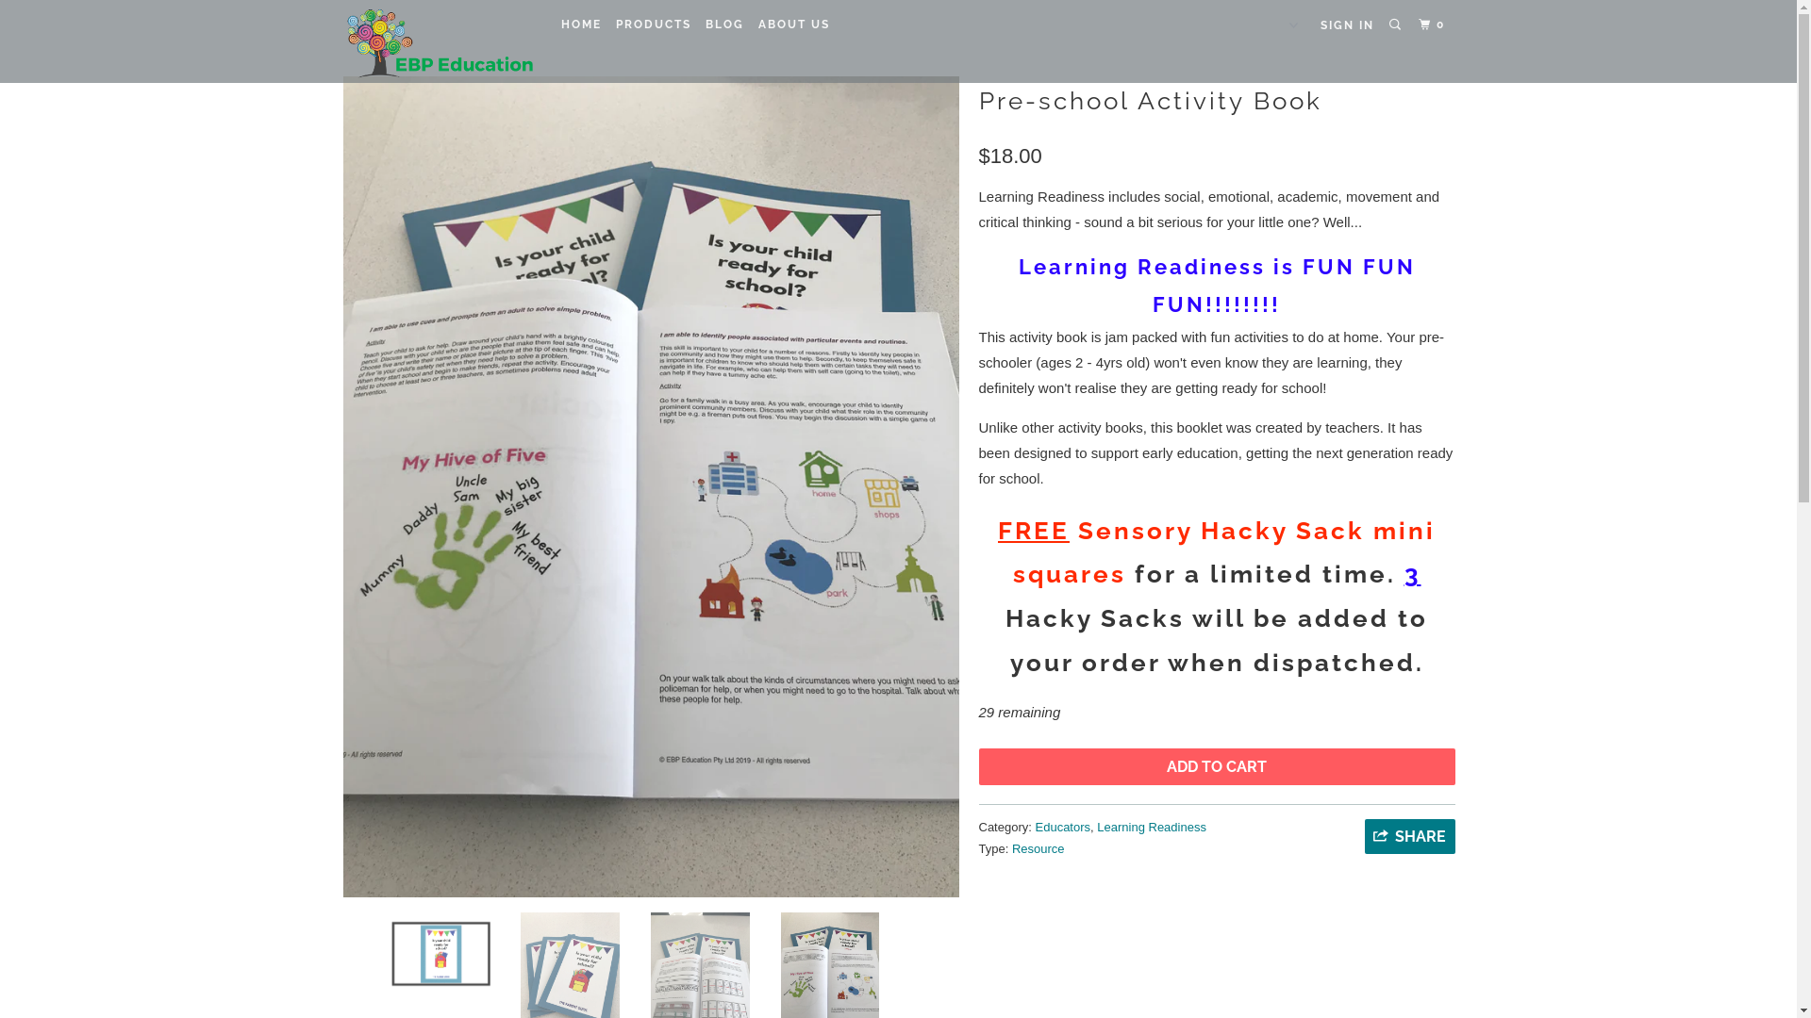  I want to click on '0', so click(1434, 25).